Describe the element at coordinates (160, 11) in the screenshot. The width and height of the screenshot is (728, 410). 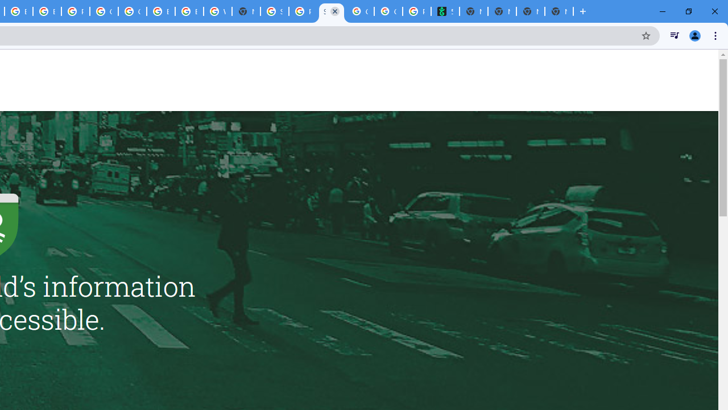
I see `'Browse Chrome as a guest - Computer - Google Chrome Help'` at that location.